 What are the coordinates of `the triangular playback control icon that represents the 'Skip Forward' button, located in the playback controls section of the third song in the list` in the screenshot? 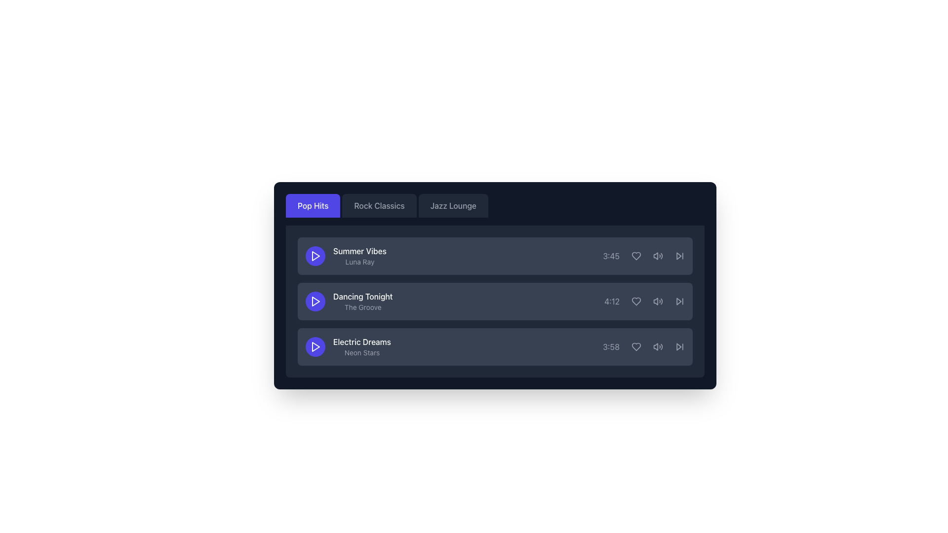 It's located at (678, 256).